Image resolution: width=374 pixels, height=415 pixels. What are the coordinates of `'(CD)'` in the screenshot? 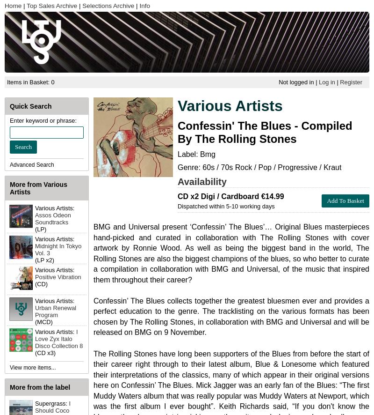 It's located at (35, 283).